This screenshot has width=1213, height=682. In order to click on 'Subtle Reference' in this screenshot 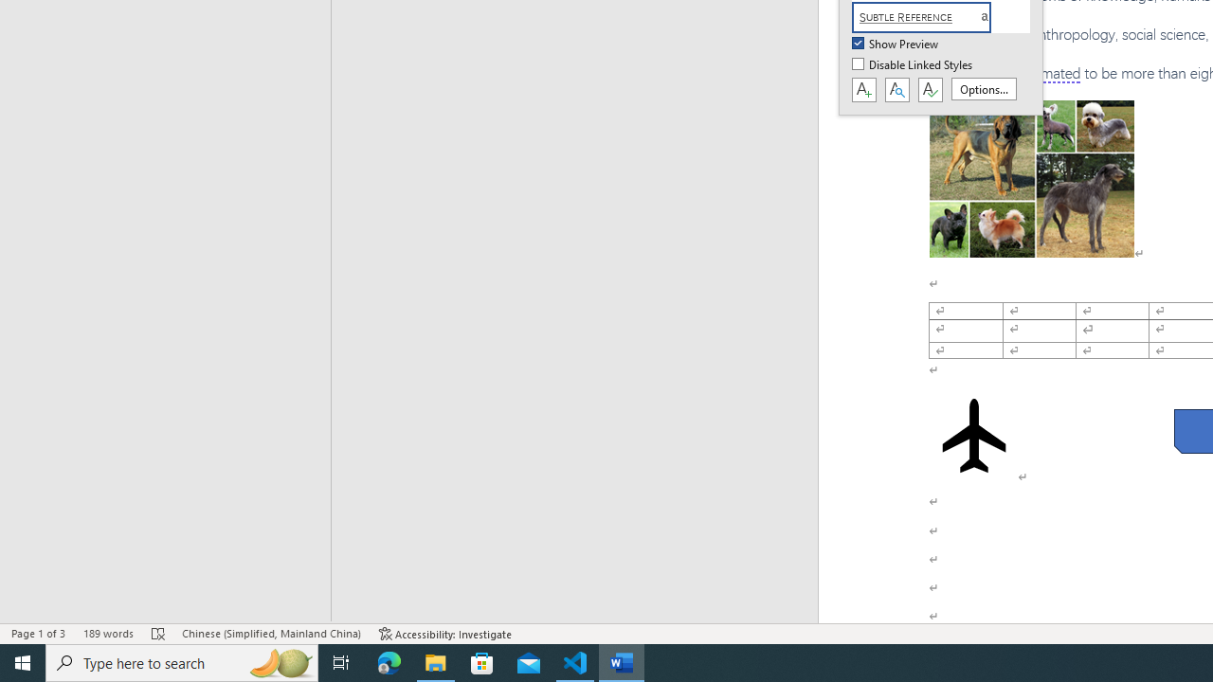, I will do `click(932, 17)`.